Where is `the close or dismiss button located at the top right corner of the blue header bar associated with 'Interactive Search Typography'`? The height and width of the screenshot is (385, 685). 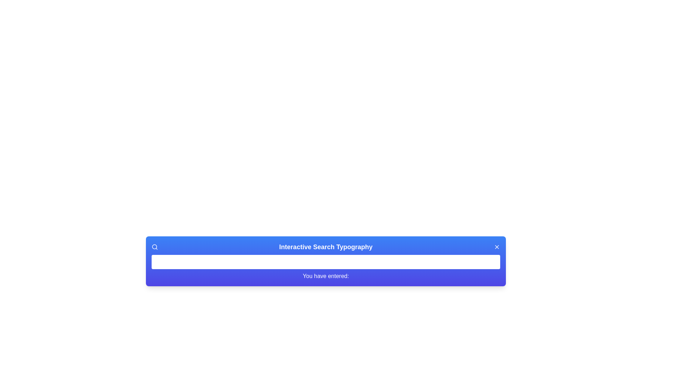 the close or dismiss button located at the top right corner of the blue header bar associated with 'Interactive Search Typography' is located at coordinates (496, 247).